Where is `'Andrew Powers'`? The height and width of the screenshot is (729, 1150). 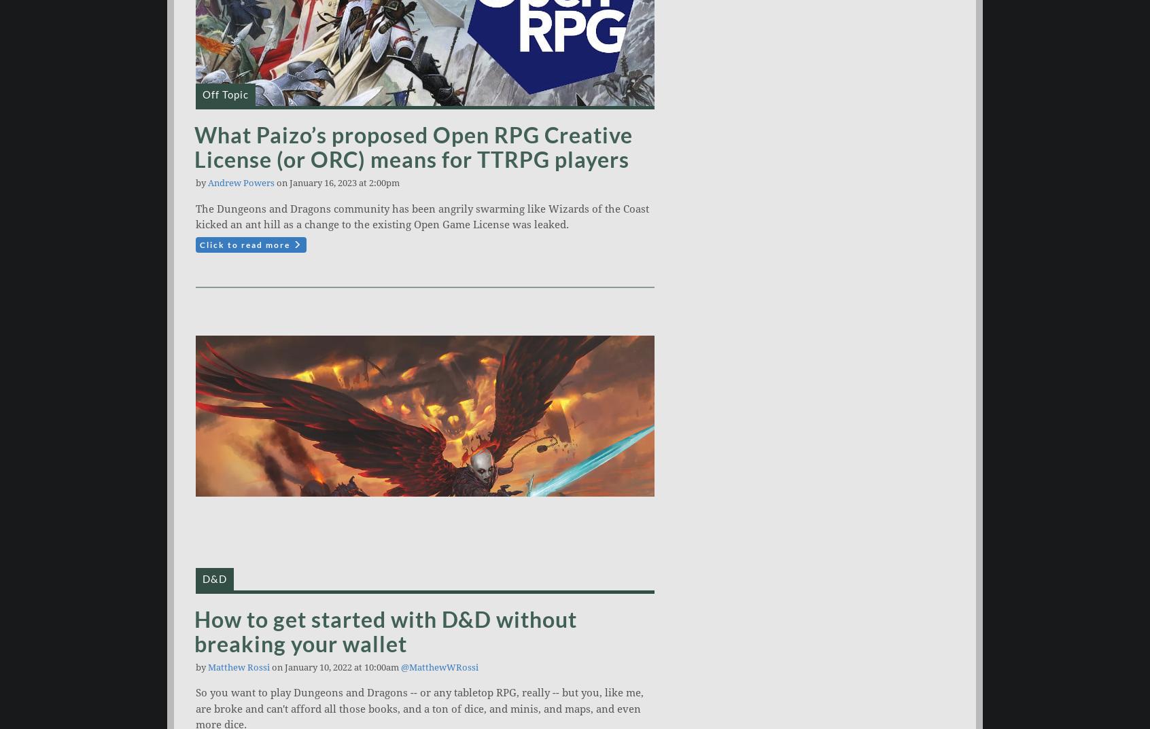
'Andrew Powers' is located at coordinates (241, 182).